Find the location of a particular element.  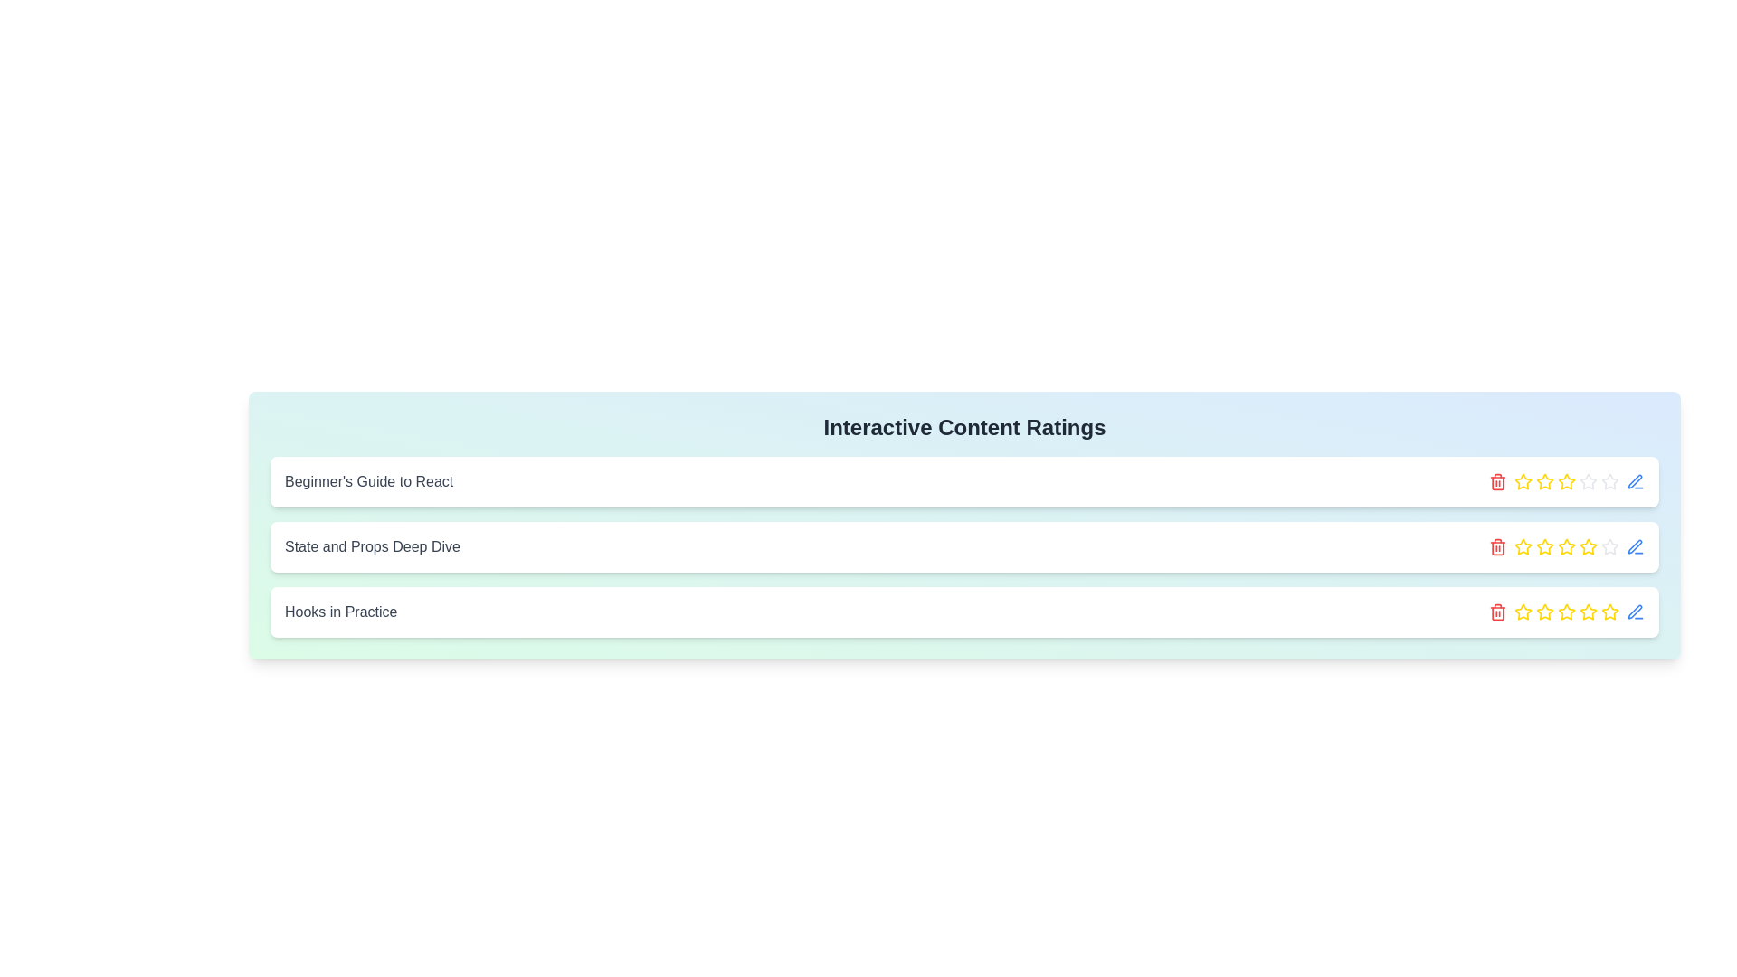

the third star is located at coordinates (1566, 546).